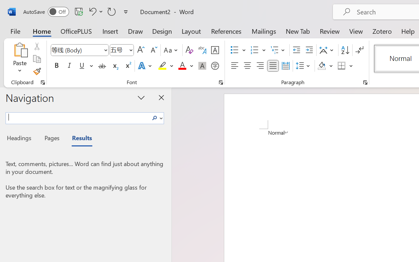 The image size is (419, 262). Describe the element at coordinates (36, 59) in the screenshot. I see `'Copy'` at that location.